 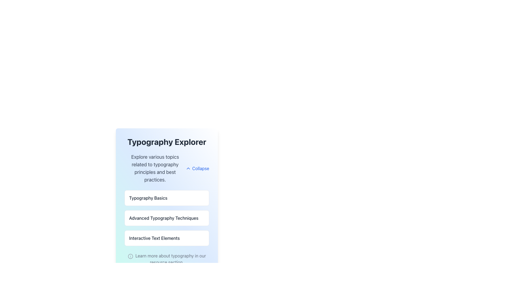 What do you see at coordinates (166, 218) in the screenshot?
I see `the central Menu/List element located below the 'Typography Explorer' title using keyboard navigation` at bounding box center [166, 218].